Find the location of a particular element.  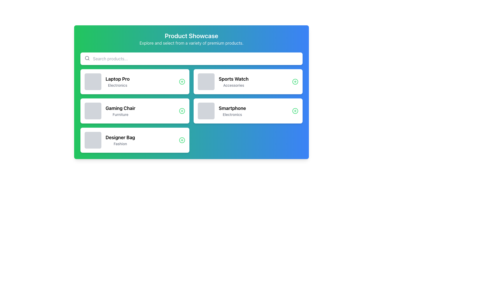

text content of the text label component displaying 'Gaming Chair' and 'Furniture' located in the second item of the left column in the grid layout is located at coordinates (120, 110).